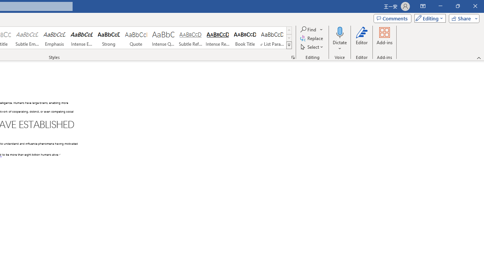 The width and height of the screenshot is (484, 272). I want to click on 'Strong', so click(109, 38).